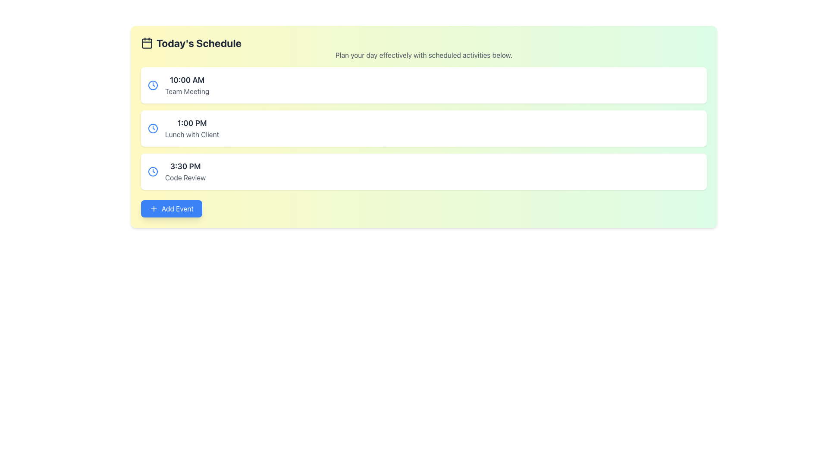 The image size is (828, 466). I want to click on the descriptive label for the event scheduled at 10:00 AM in the 'Today's Schedule' list, located below the '10:00 AM' text, so click(187, 91).